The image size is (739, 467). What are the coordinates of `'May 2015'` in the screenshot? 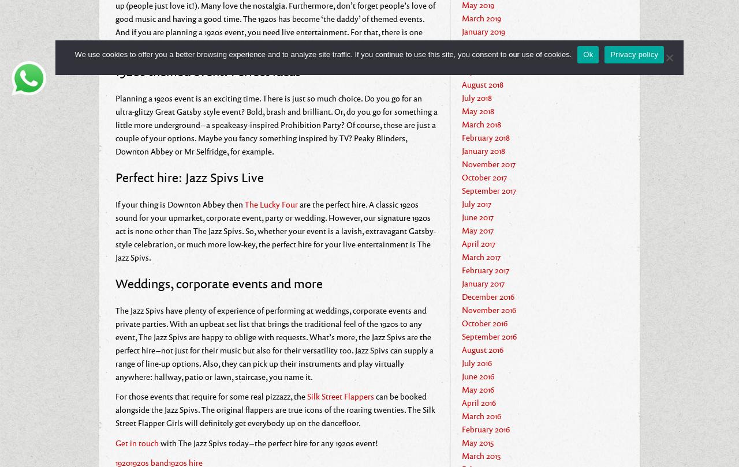 It's located at (477, 441).